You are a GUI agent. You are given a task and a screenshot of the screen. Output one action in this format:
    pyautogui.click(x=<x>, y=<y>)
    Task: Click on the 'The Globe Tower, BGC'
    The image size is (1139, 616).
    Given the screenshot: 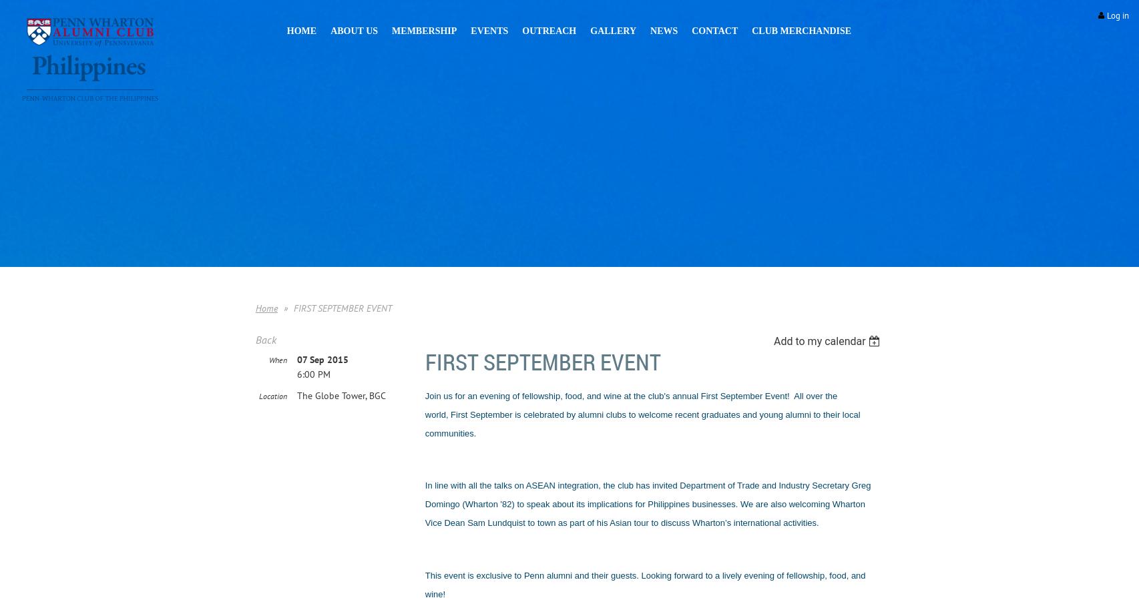 What is the action you would take?
    pyautogui.click(x=340, y=395)
    